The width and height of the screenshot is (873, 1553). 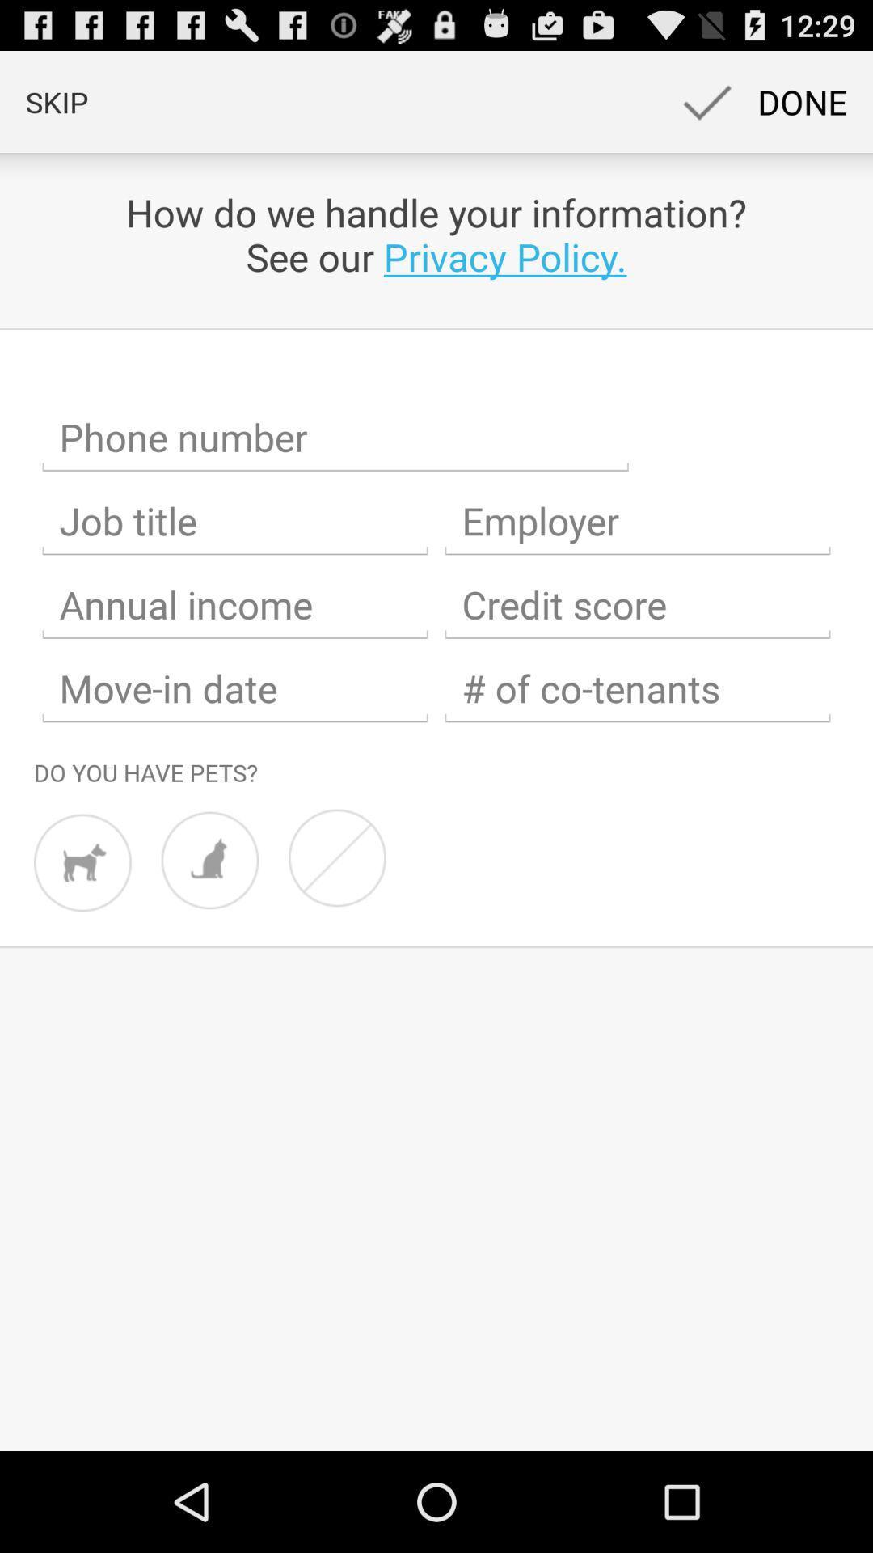 What do you see at coordinates (234, 604) in the screenshot?
I see `input income` at bounding box center [234, 604].